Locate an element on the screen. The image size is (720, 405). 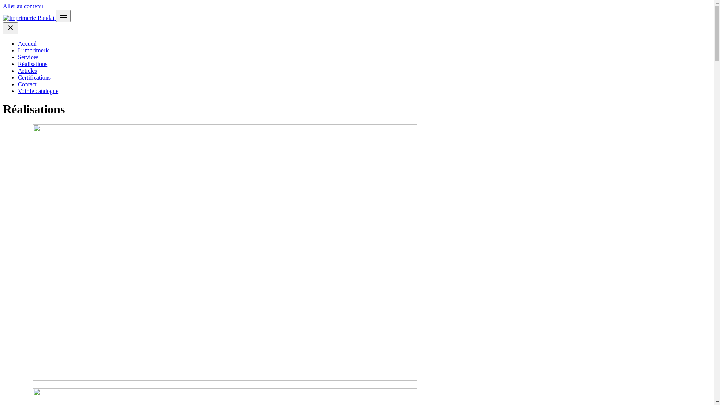
'Voir le catalogue' is located at coordinates (18, 90).